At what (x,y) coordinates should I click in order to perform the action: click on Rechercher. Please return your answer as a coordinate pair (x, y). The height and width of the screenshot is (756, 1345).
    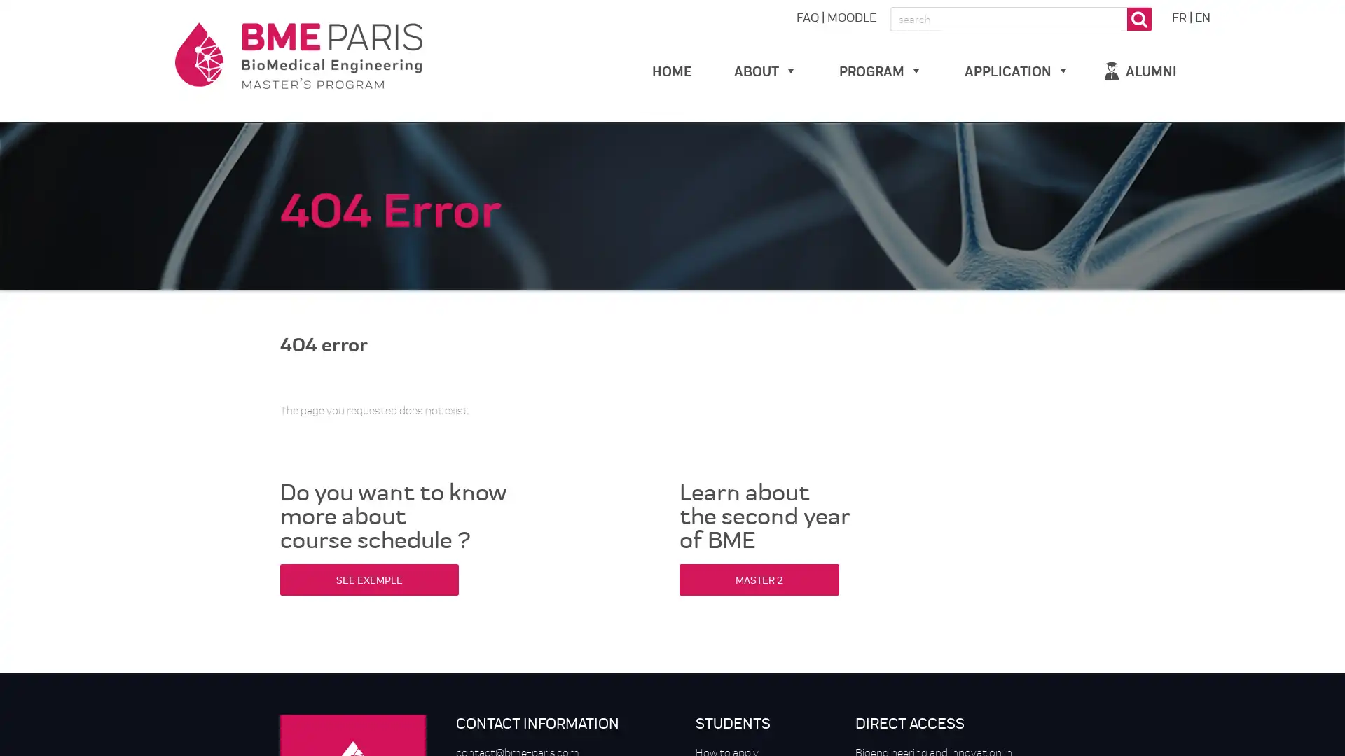
    Looking at the image, I should click on (1139, 19).